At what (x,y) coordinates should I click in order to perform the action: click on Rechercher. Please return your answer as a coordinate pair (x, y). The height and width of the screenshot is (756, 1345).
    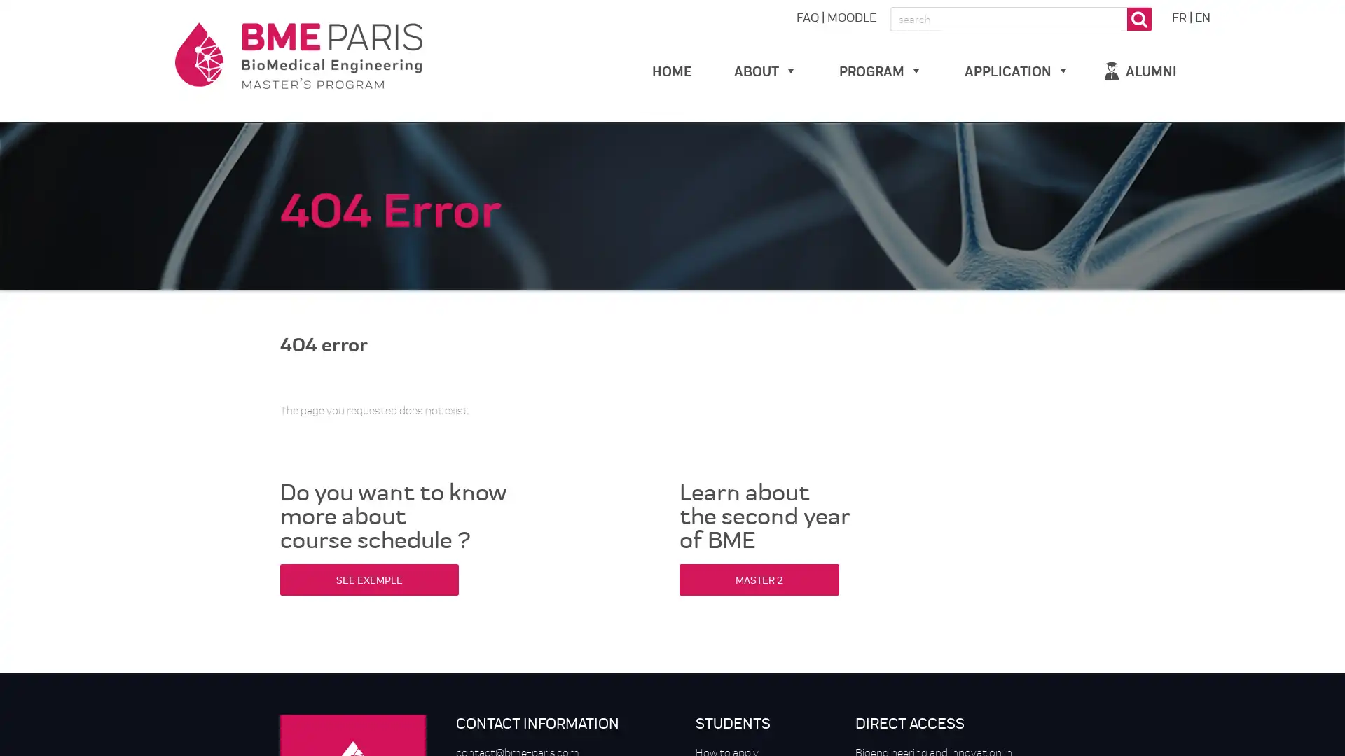
    Looking at the image, I should click on (1139, 19).